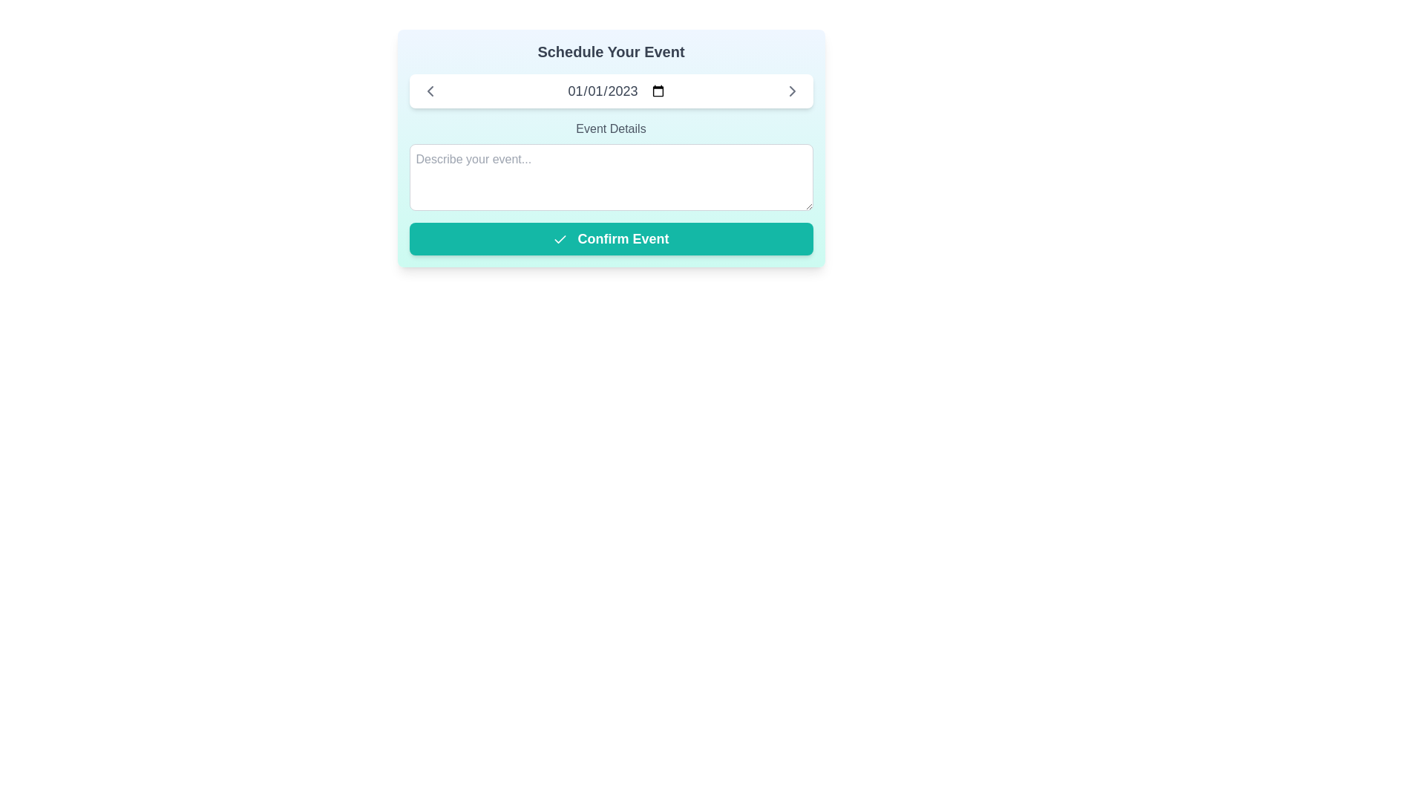  I want to click on the teal-colored 'Confirm Event' button with white bold text and a check icon to confirm the event, so click(611, 238).